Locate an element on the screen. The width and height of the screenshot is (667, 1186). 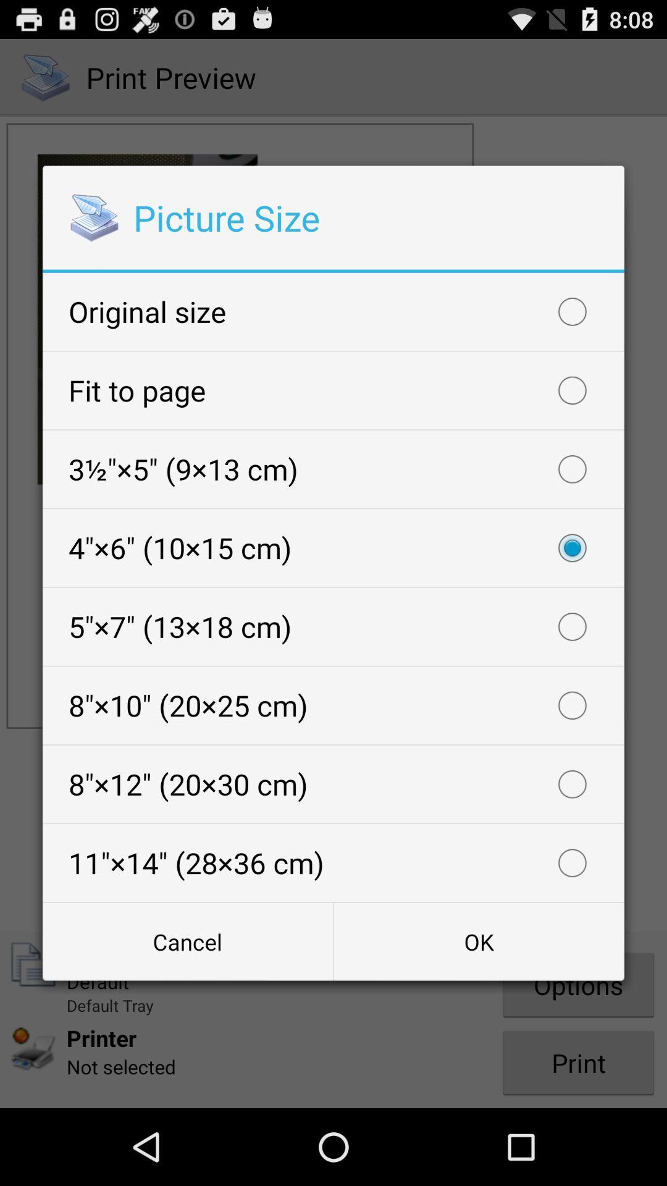
icon to the left of the ok button is located at coordinates (188, 941).